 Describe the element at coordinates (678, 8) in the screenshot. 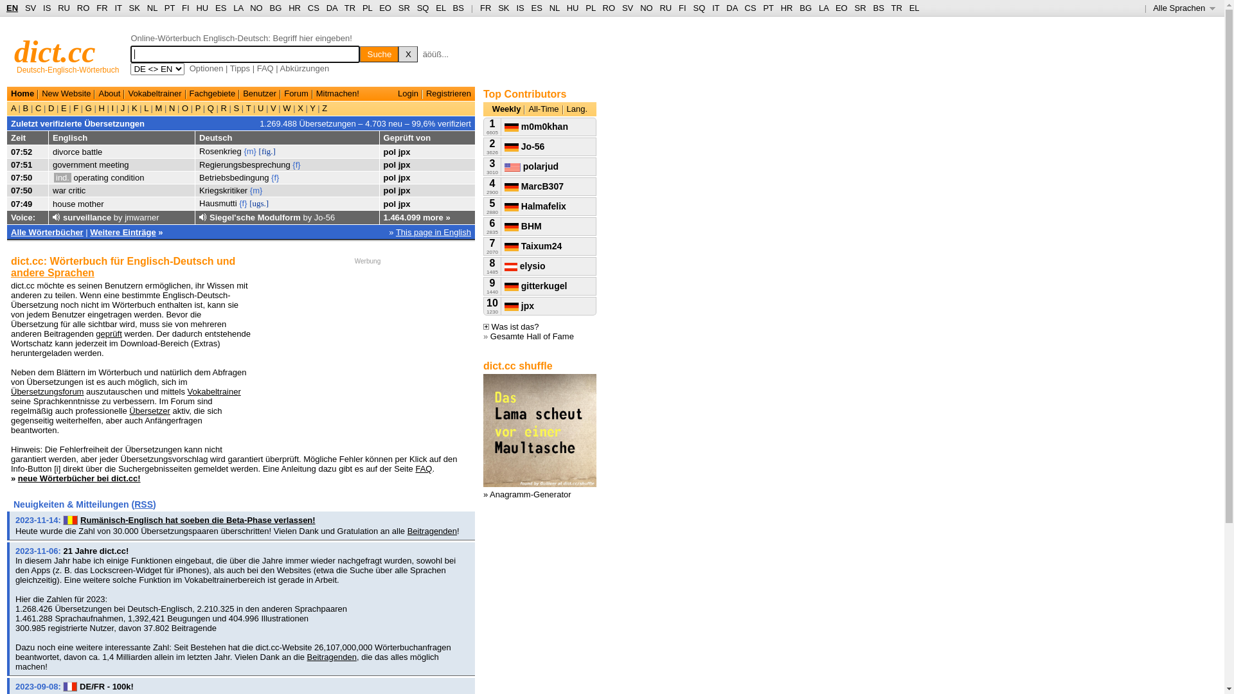

I see `'FI'` at that location.